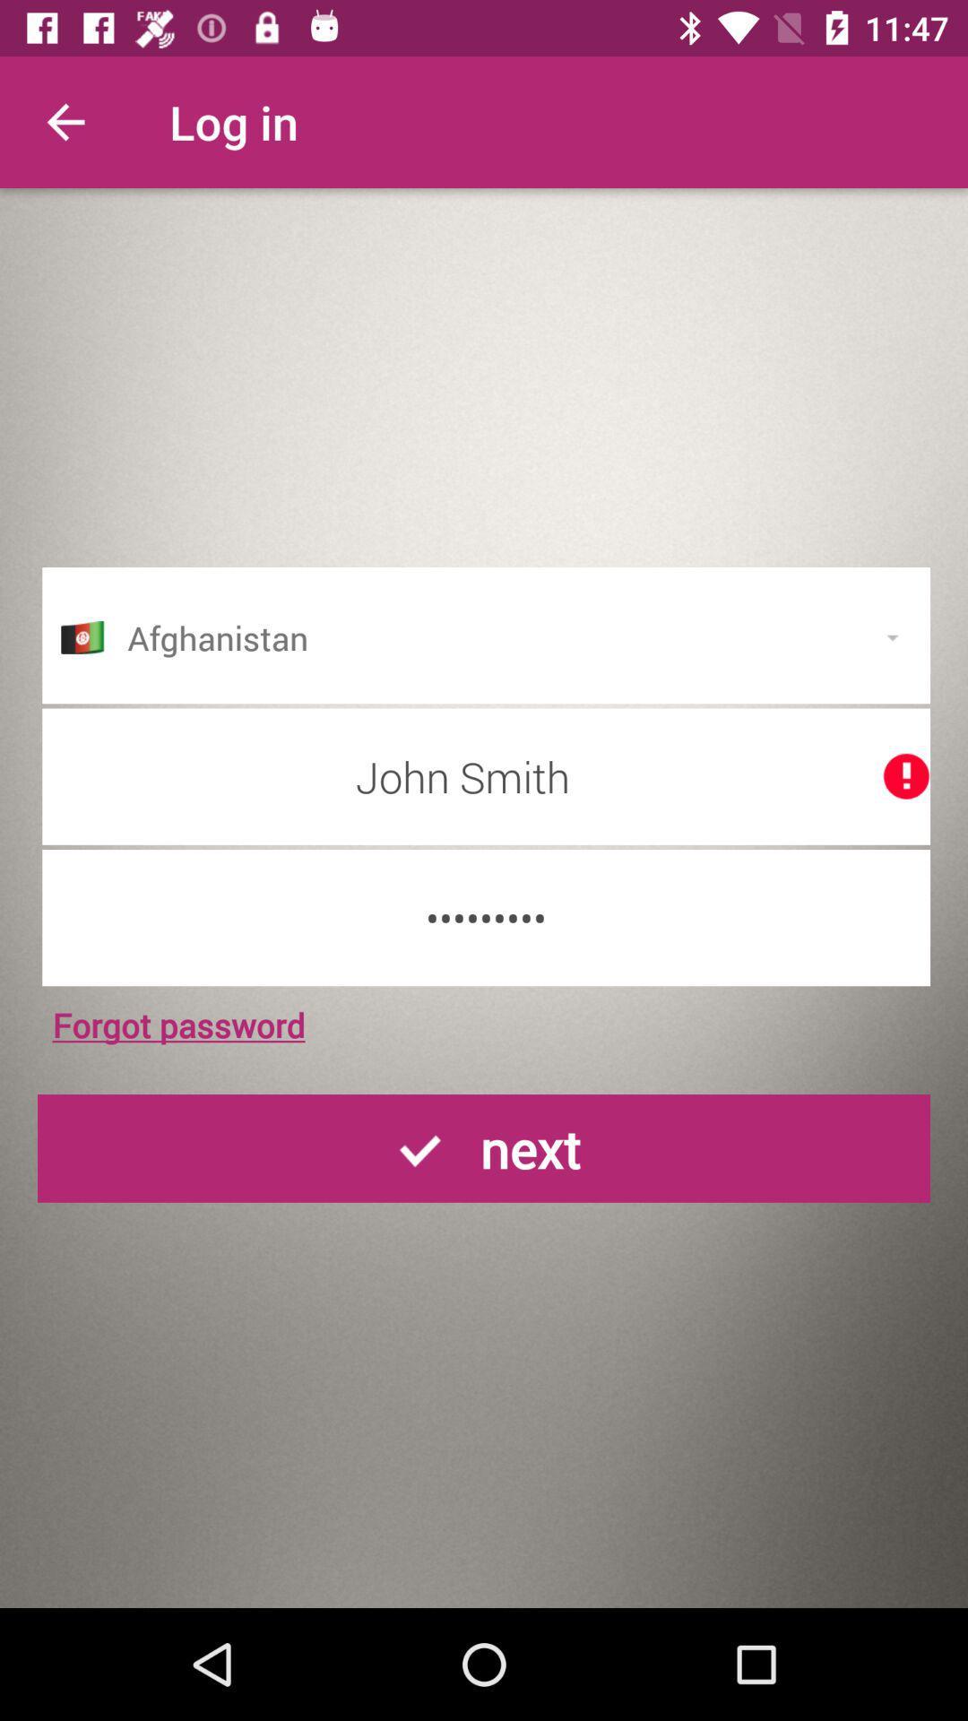 This screenshot has height=1721, width=968. I want to click on the icon below john smith item, so click(486, 918).